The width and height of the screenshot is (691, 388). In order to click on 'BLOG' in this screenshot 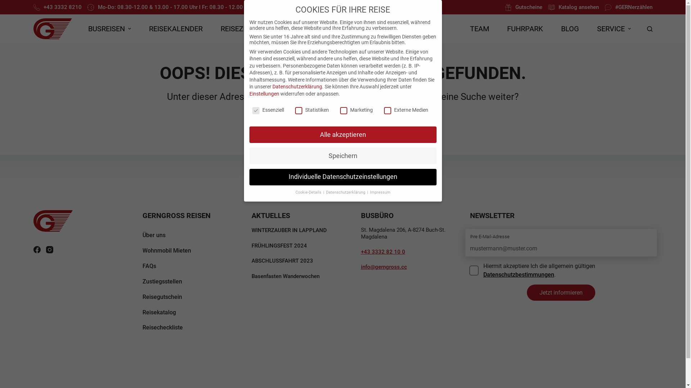, I will do `click(570, 28)`.